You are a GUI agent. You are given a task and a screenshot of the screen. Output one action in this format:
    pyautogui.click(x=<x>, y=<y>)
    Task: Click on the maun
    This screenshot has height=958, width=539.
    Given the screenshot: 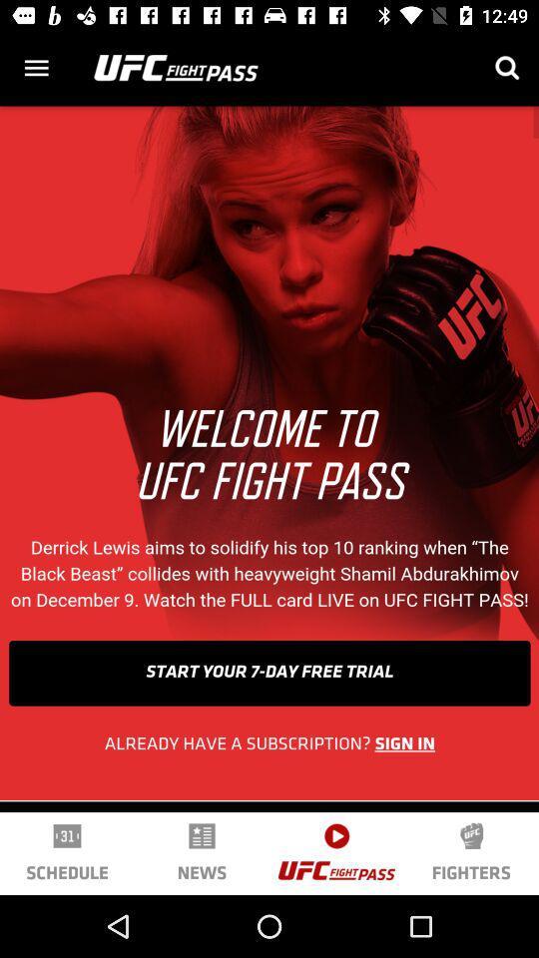 What is the action you would take?
    pyautogui.click(x=36, y=68)
    